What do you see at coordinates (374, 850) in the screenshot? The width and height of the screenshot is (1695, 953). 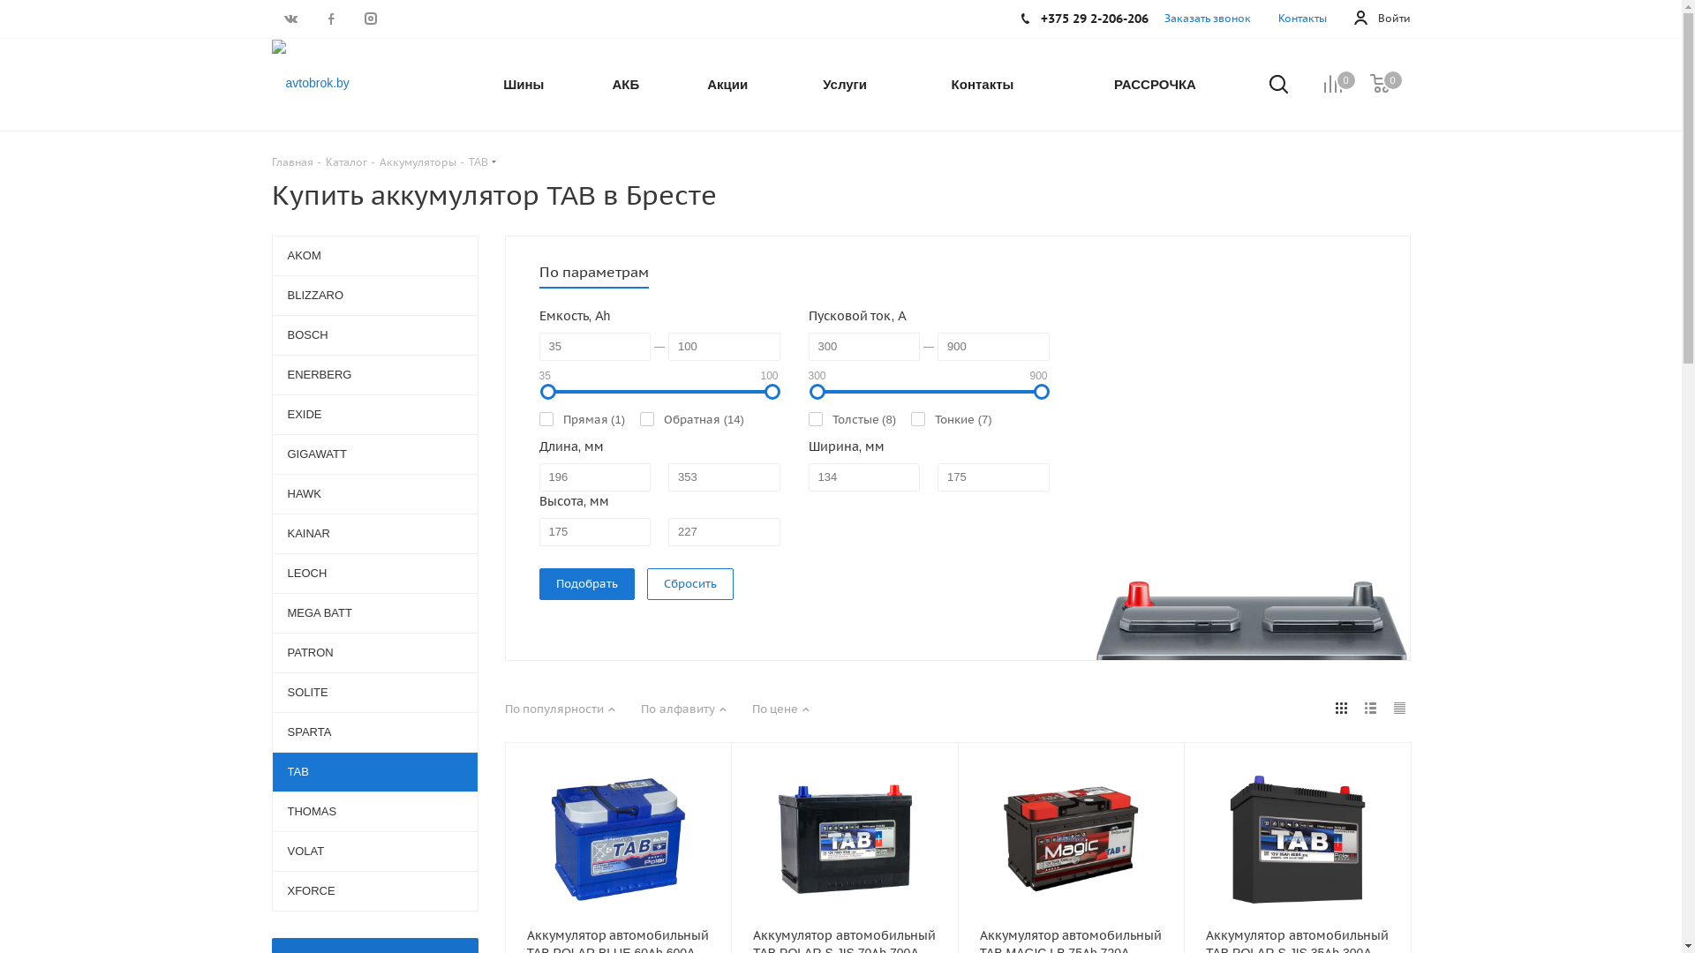 I see `'VOLAT'` at bounding box center [374, 850].